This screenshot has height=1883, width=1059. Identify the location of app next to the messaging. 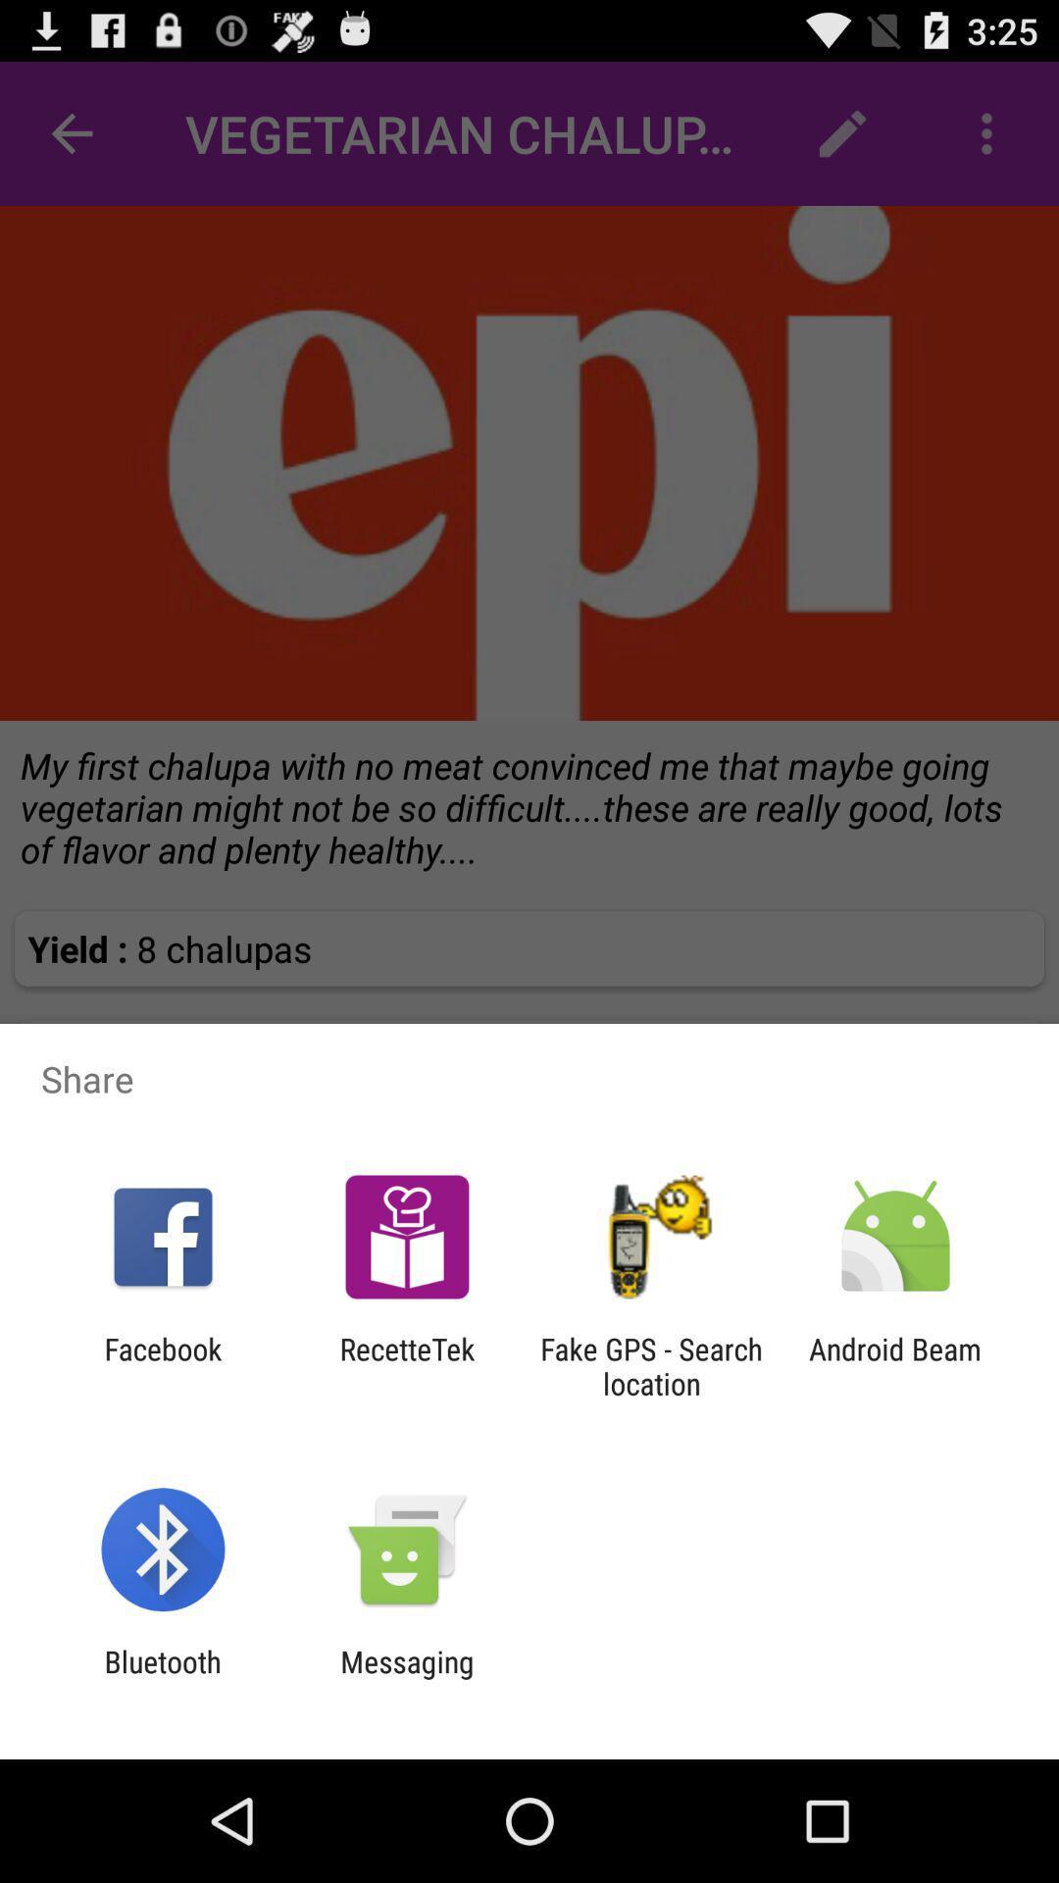
(162, 1678).